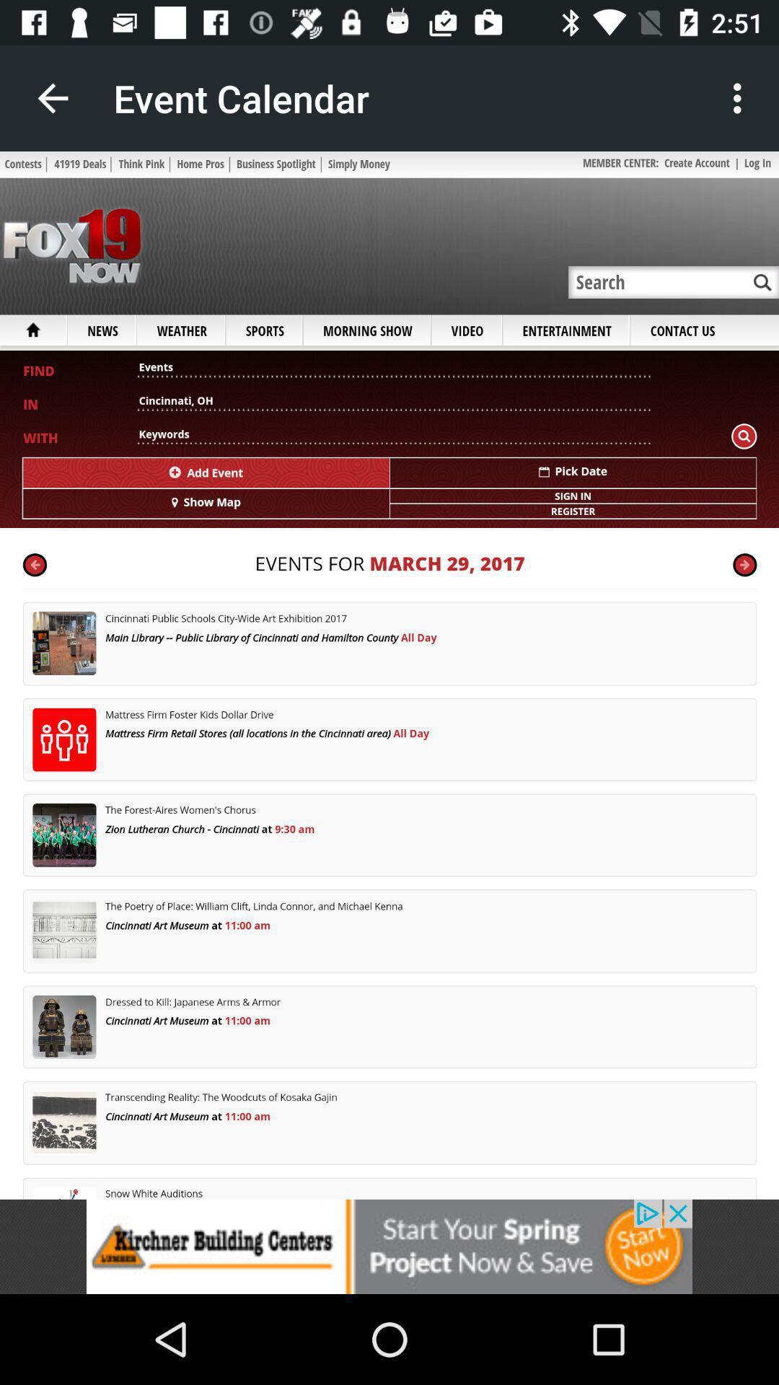 This screenshot has width=779, height=1385. I want to click on home page of image, so click(389, 674).